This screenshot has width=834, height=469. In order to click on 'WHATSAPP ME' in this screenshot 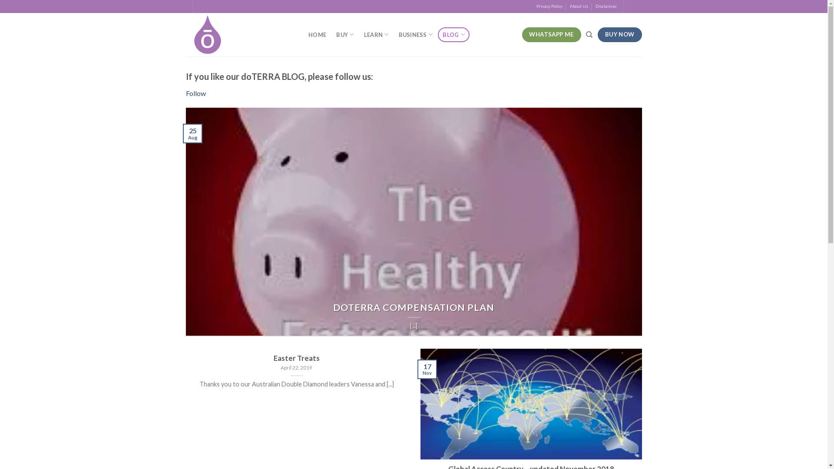, I will do `click(521, 34)`.